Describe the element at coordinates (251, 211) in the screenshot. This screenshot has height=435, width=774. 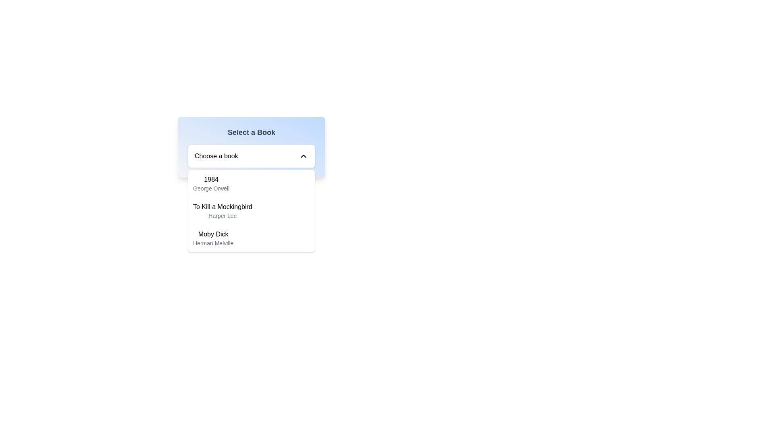
I see `the selectable list item displaying 'To Kill a Mockingbird' by Harper Lee` at that location.